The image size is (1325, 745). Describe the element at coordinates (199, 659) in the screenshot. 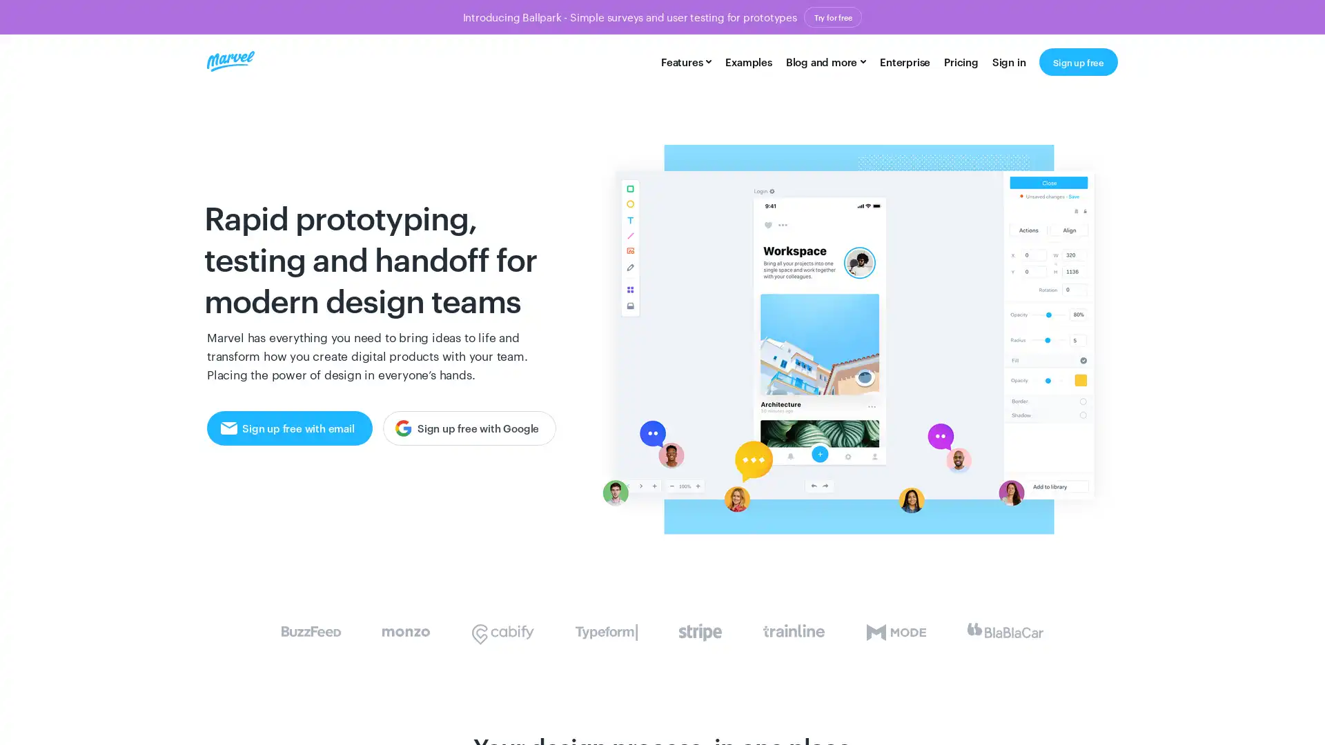

I see `Accept` at that location.